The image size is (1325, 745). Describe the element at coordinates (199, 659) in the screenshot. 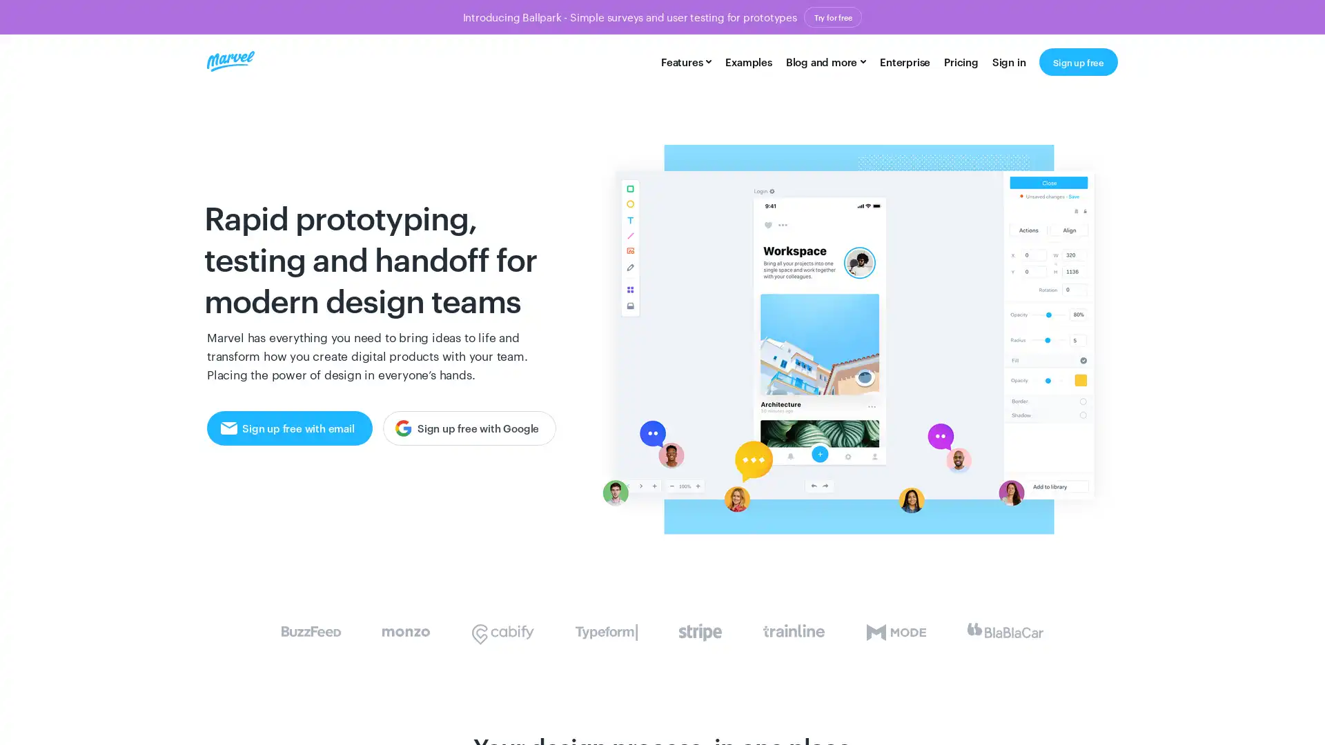

I see `Accept` at that location.